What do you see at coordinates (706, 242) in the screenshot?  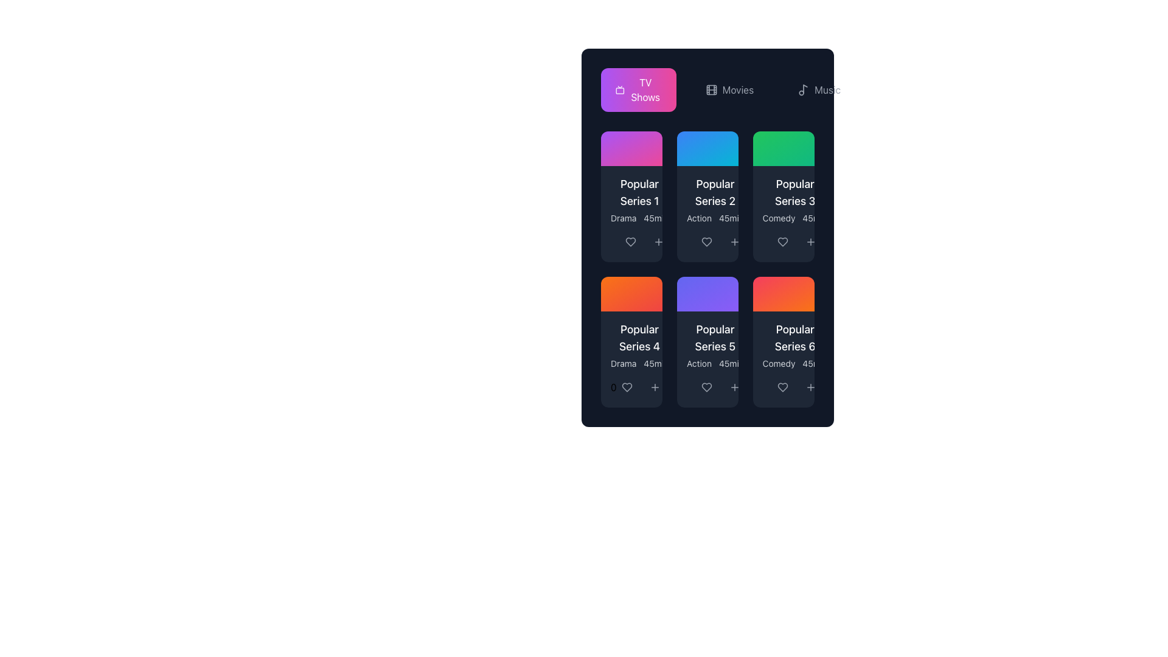 I see `the leftmost icon button in the bottom section of the 'Popular Series 2' card to favorite the item` at bounding box center [706, 242].